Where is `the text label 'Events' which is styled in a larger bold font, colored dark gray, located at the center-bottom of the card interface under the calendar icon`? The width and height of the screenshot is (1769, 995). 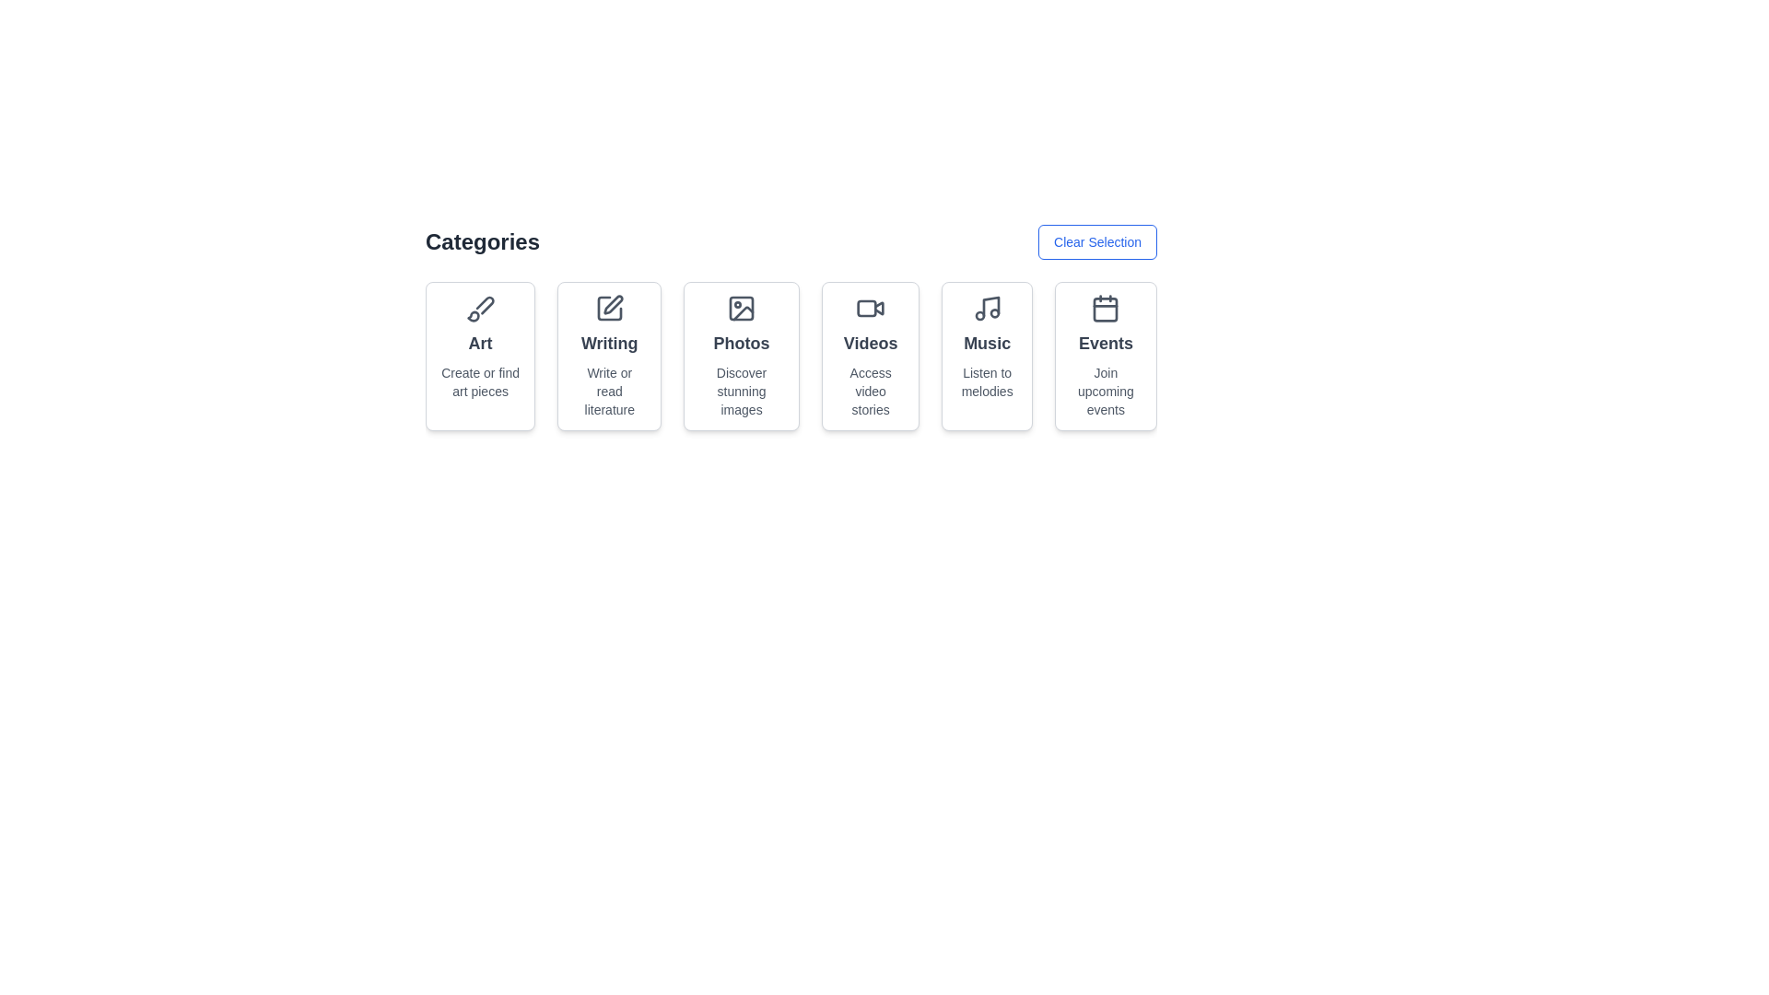 the text label 'Events' which is styled in a larger bold font, colored dark gray, located at the center-bottom of the card interface under the calendar icon is located at coordinates (1106, 344).